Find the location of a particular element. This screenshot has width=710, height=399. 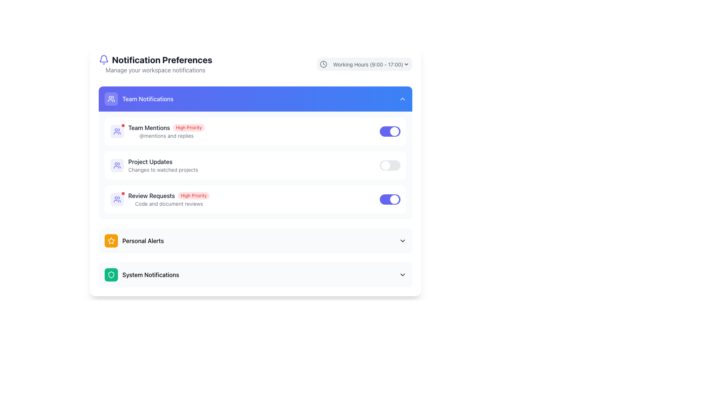

the dropdown menu labeled 'Working Hours (9:00 - 17:00)' located at the top-right corner of the interface is located at coordinates (371, 64).